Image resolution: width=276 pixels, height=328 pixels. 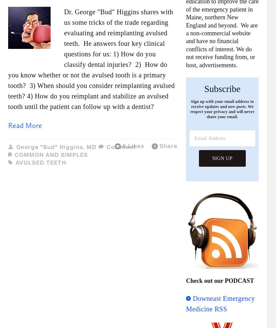 What do you see at coordinates (159, 145) in the screenshot?
I see `'Share'` at bounding box center [159, 145].